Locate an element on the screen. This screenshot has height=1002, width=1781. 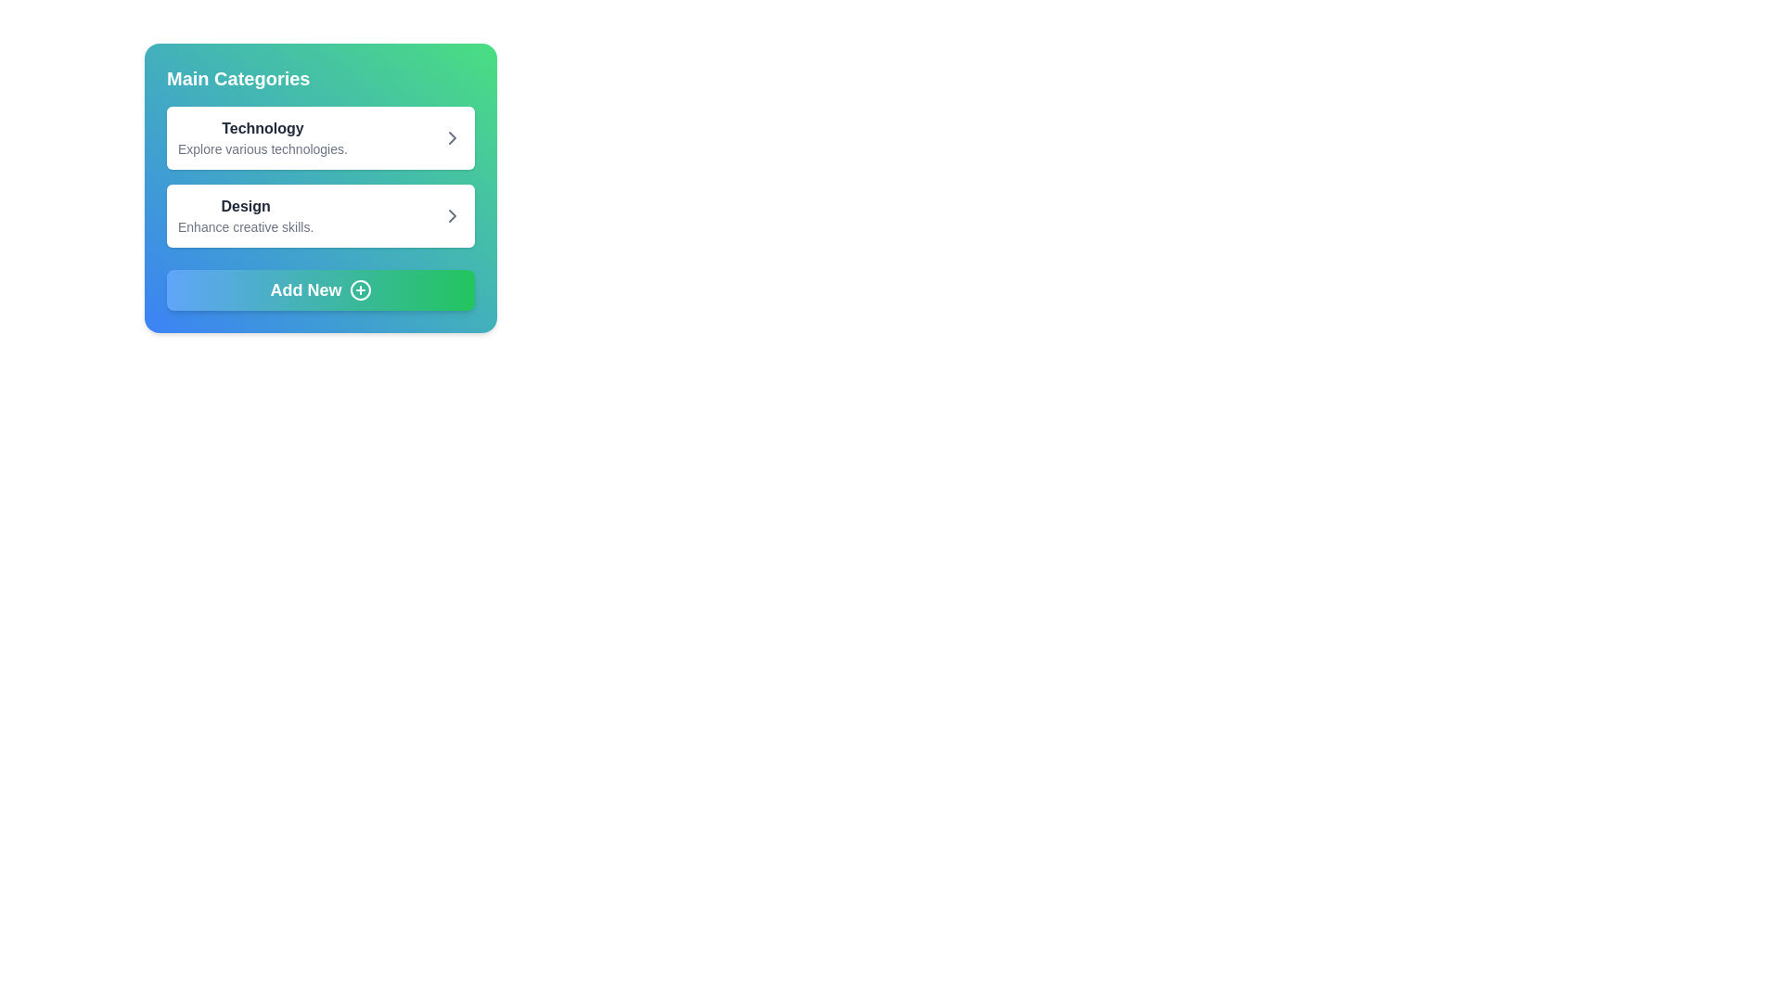
the 'Design' clickable card located directly beneath the 'Technology' card in the main categories list is located at coordinates (320, 214).